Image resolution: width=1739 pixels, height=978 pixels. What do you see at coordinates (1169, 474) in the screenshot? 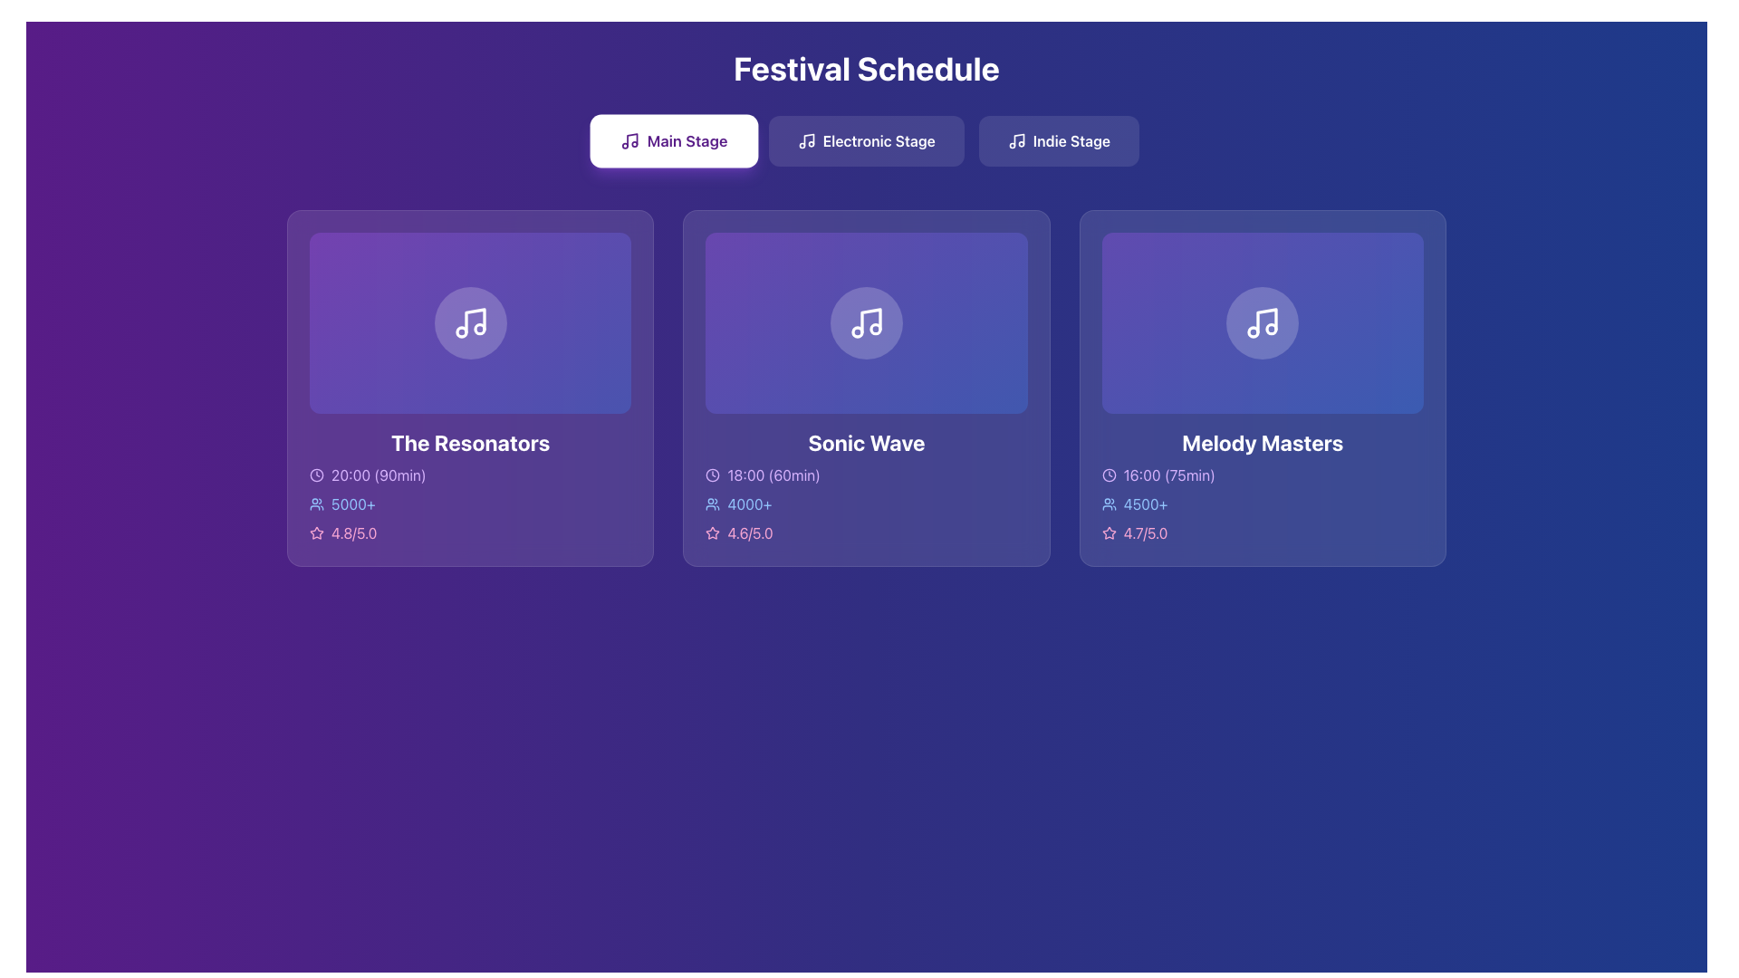
I see `text label displaying the starting time and duration of the event 'Melody Masters' in the 'Festival Schedule' interface, which is located near the top left area of the event card, to note the time information` at bounding box center [1169, 474].